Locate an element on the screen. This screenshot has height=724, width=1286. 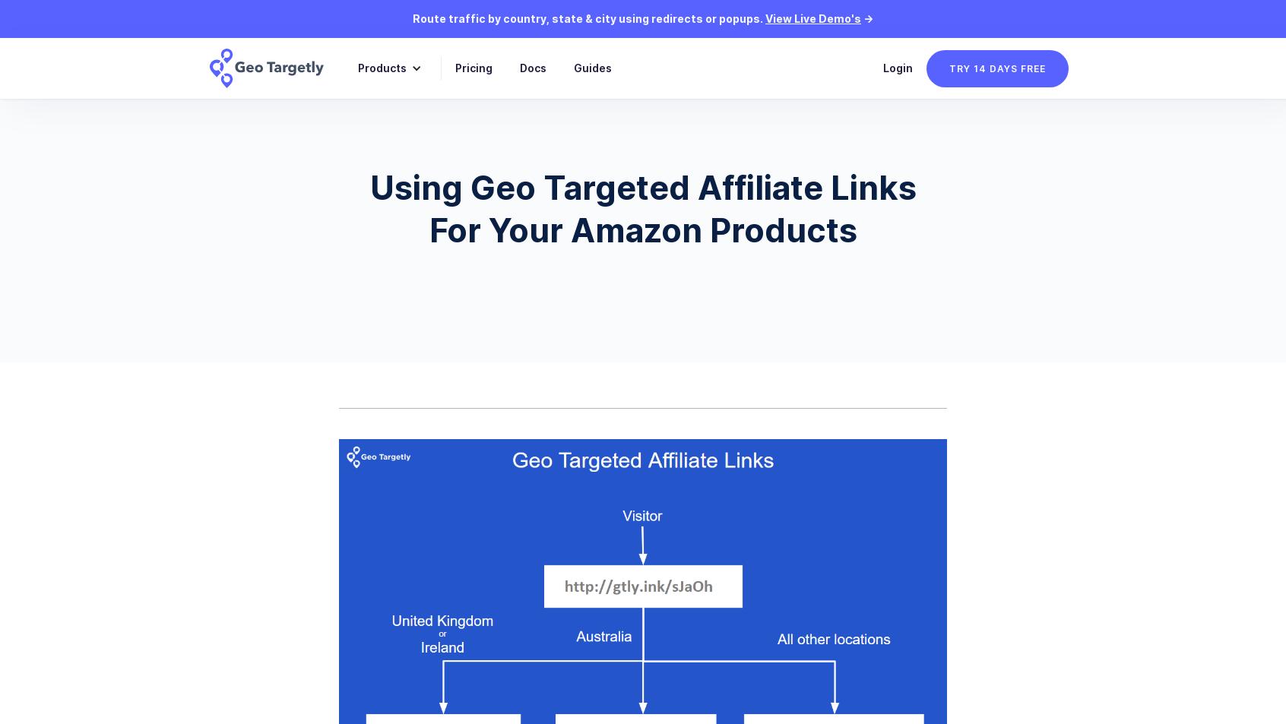
'For Your Amazon Products' is located at coordinates (642, 229).